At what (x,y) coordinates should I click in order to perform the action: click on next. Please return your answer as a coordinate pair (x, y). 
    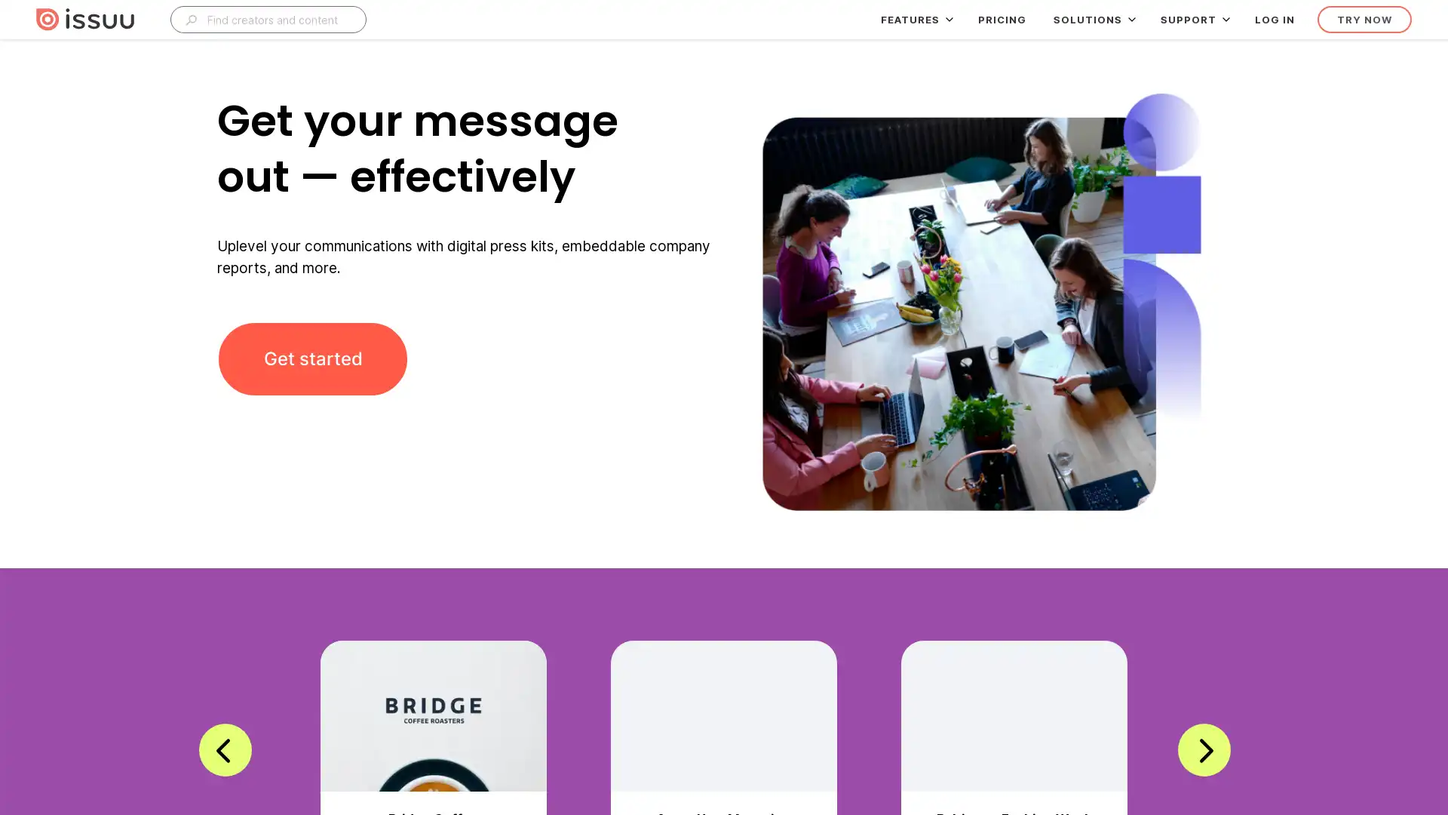
    Looking at the image, I should click on (1204, 750).